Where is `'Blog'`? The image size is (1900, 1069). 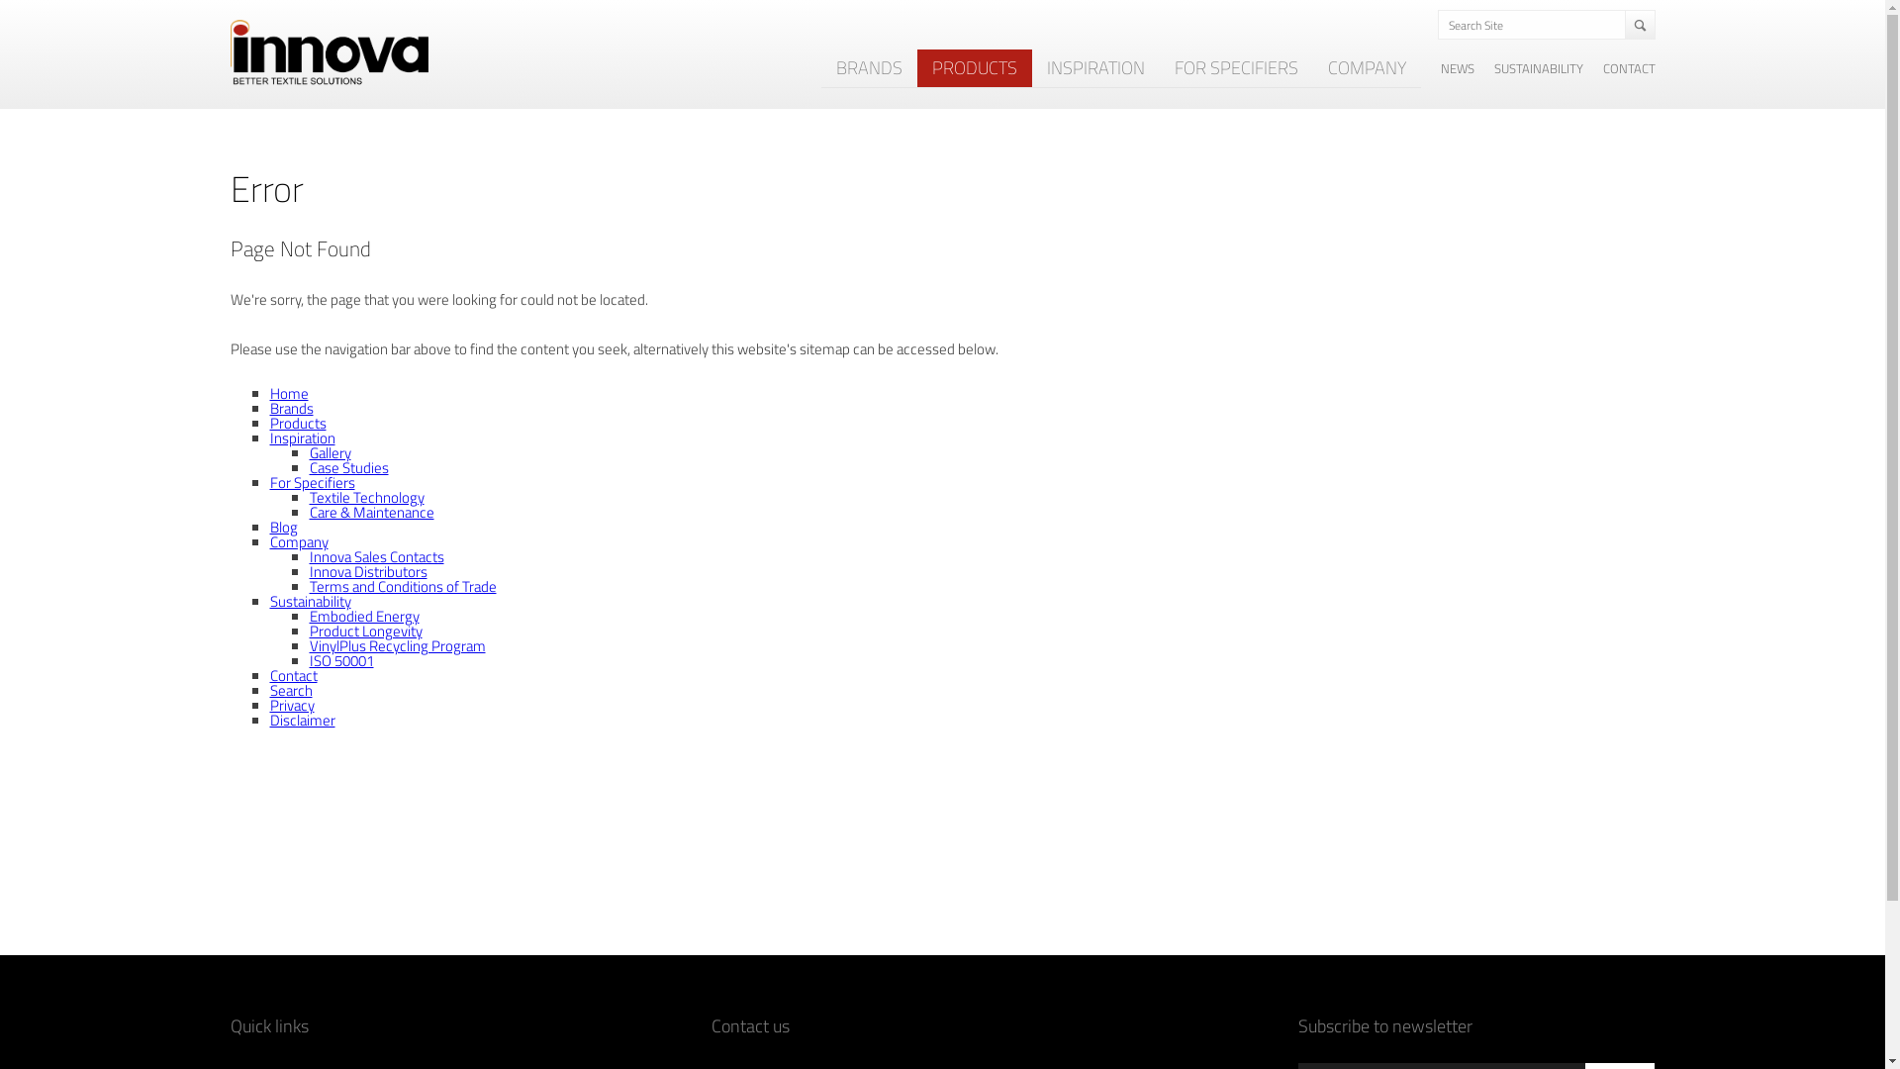
'Blog' is located at coordinates (282, 526).